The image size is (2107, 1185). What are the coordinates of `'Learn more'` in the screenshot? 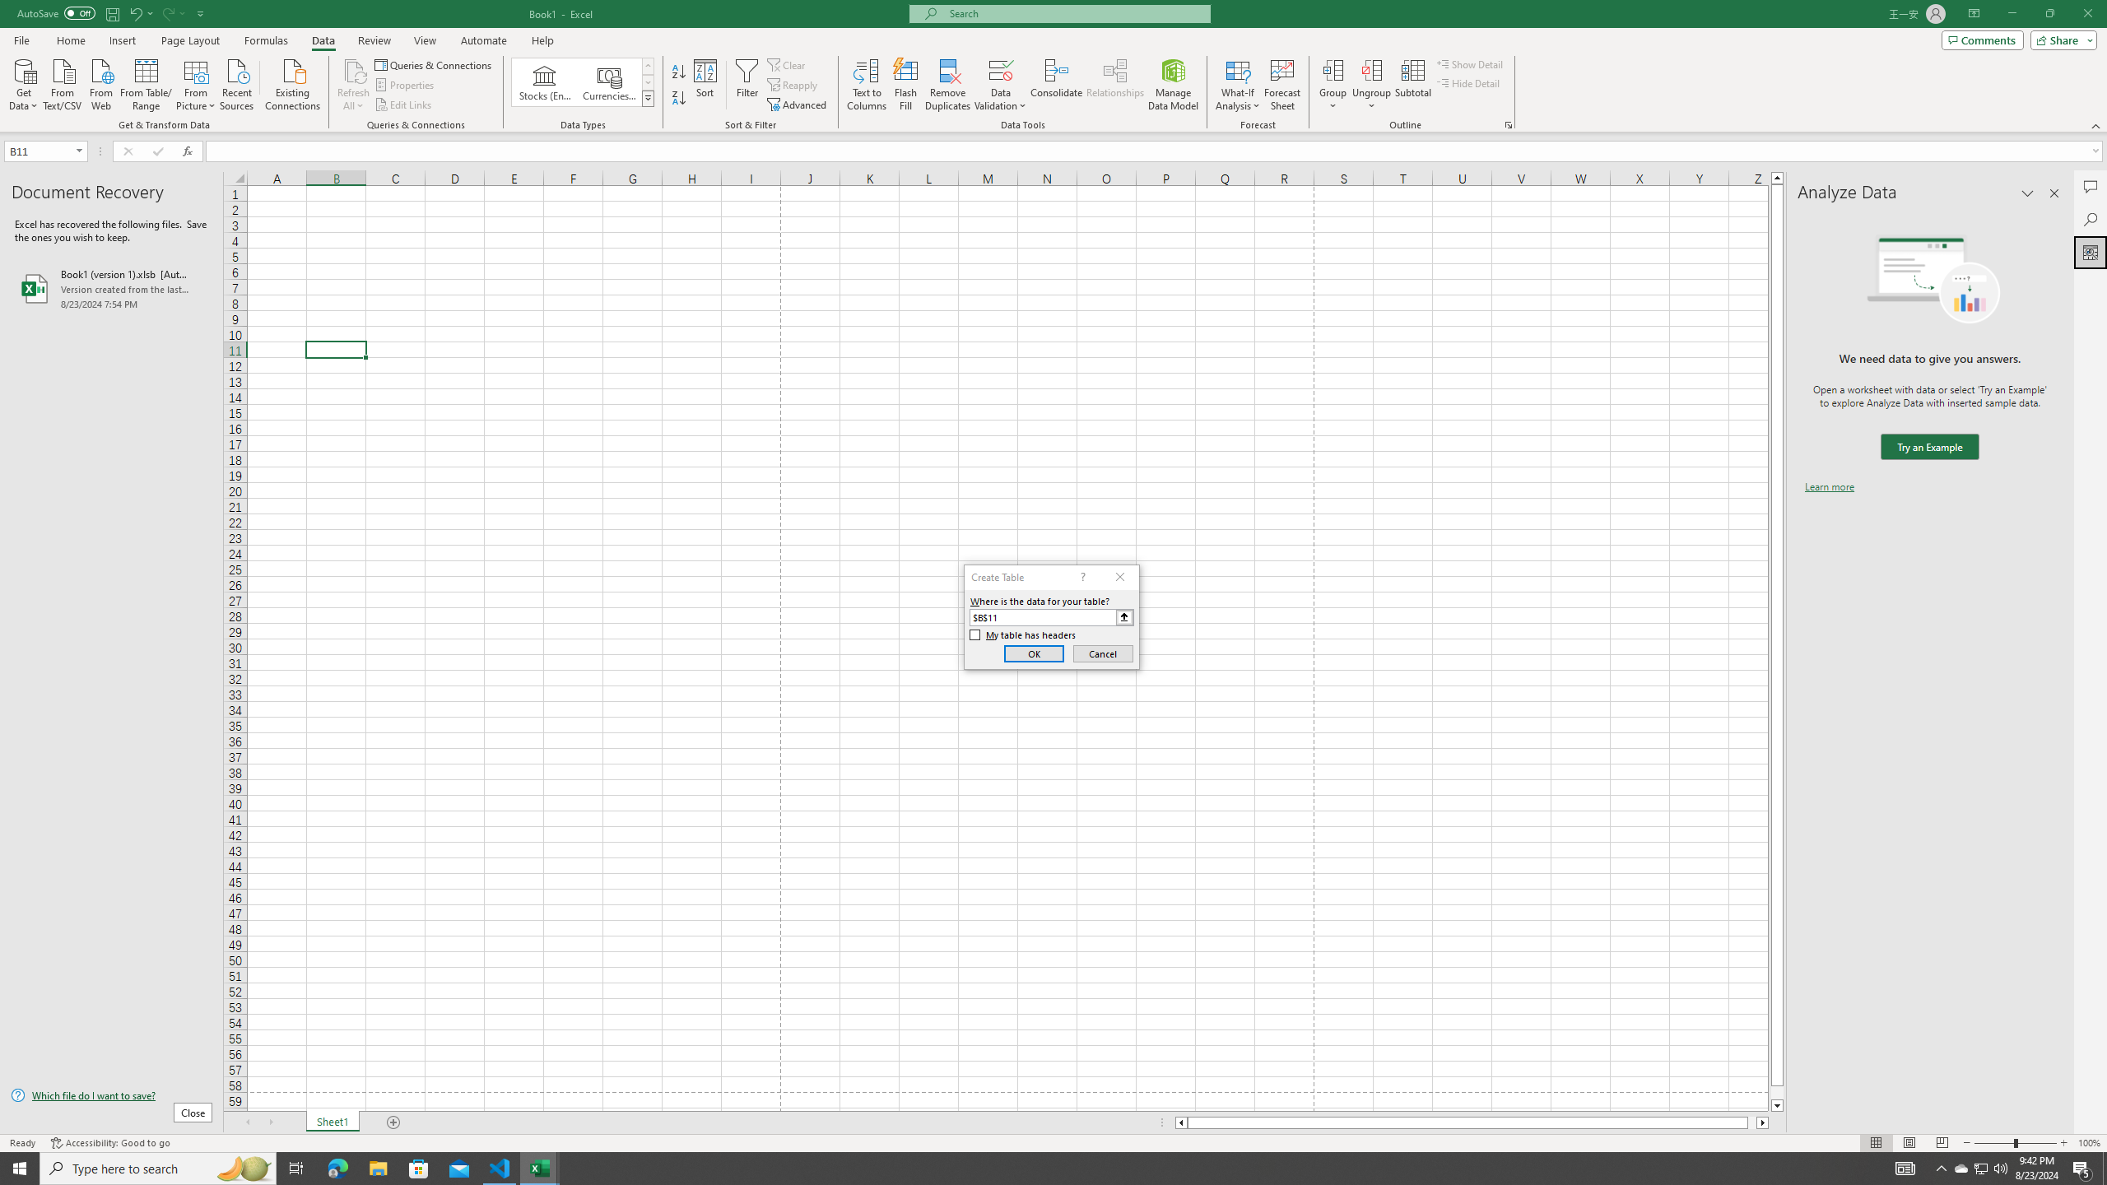 It's located at (1829, 486).